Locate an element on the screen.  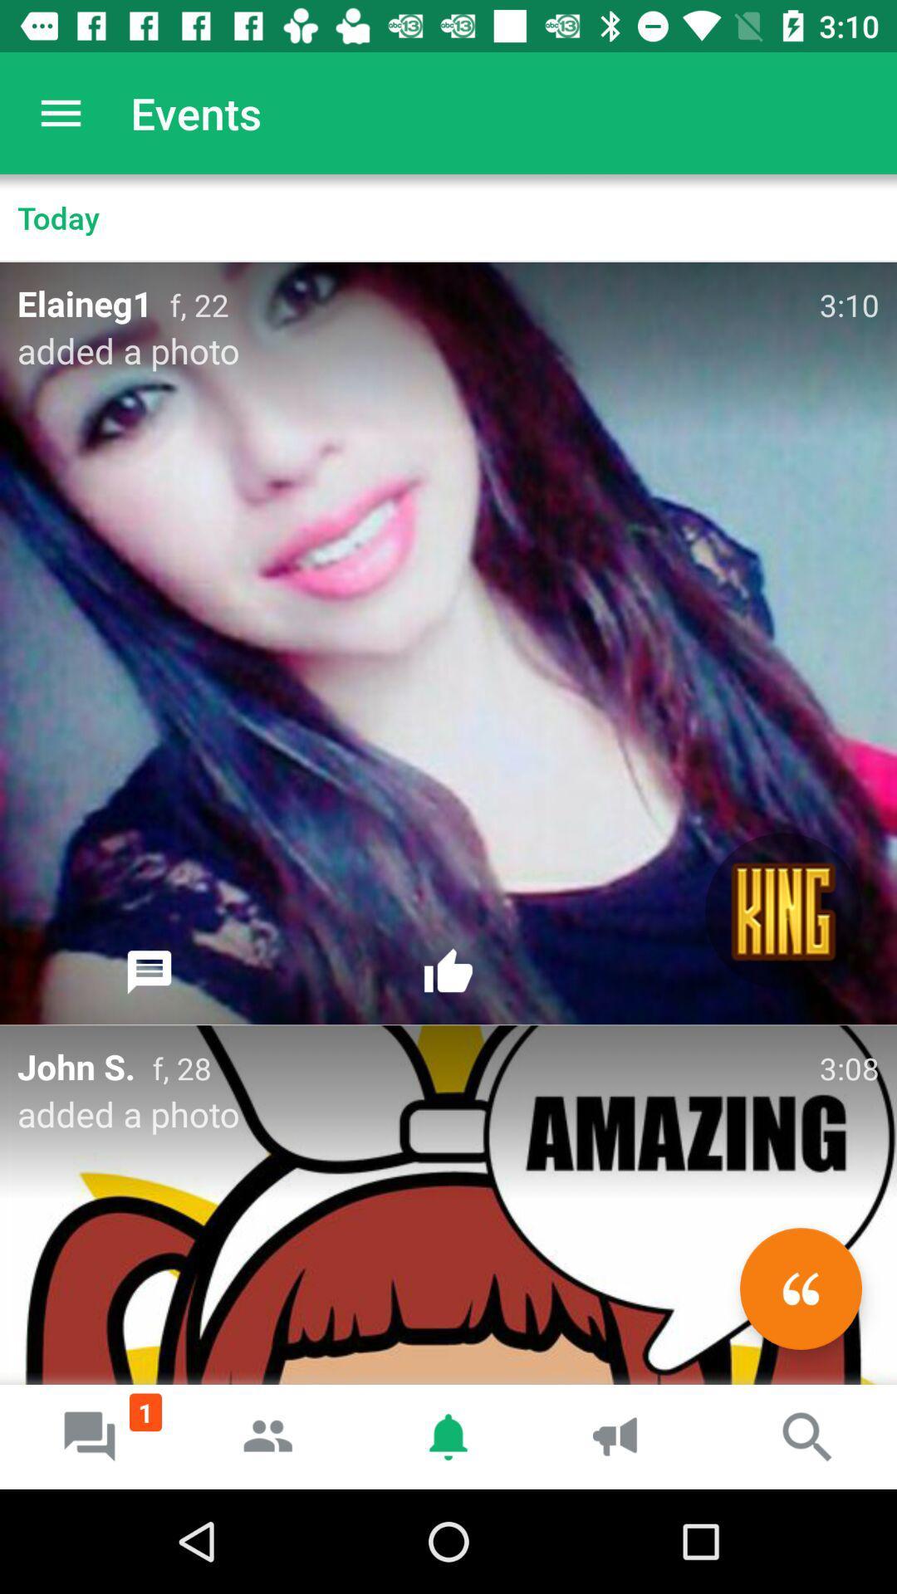
the av_rewind icon is located at coordinates (800, 1288).